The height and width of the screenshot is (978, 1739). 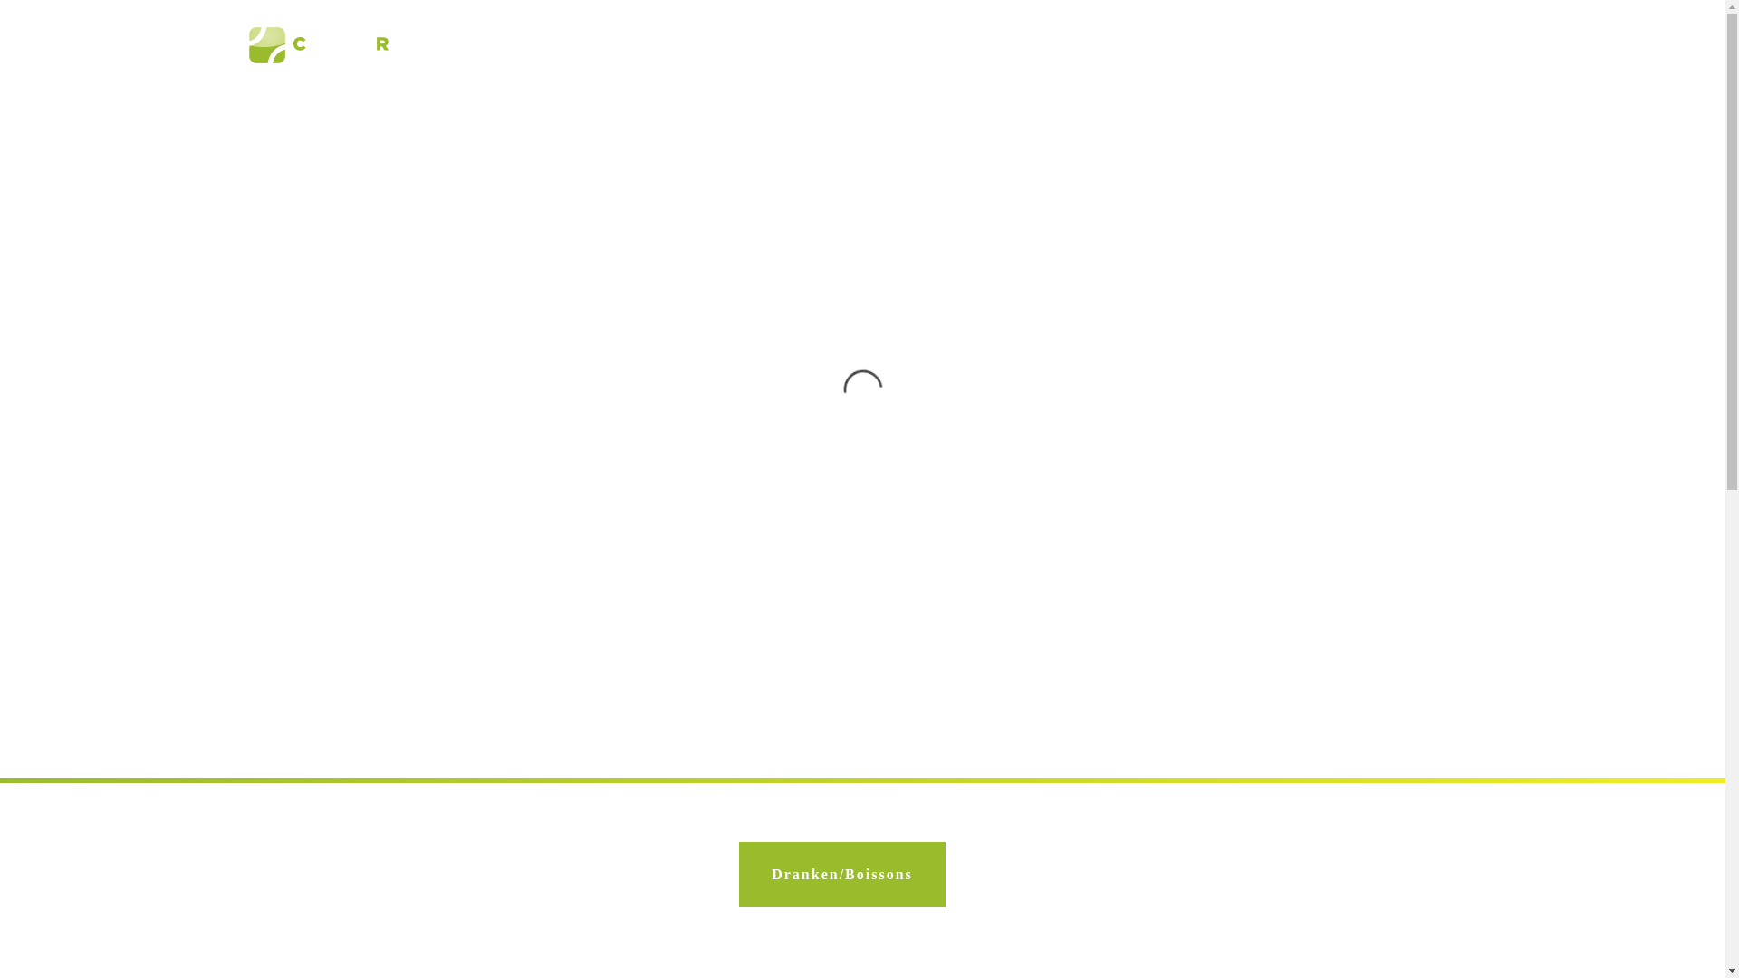 What do you see at coordinates (826, 44) in the screenshot?
I see `'TERREINRESERVATIE'` at bounding box center [826, 44].